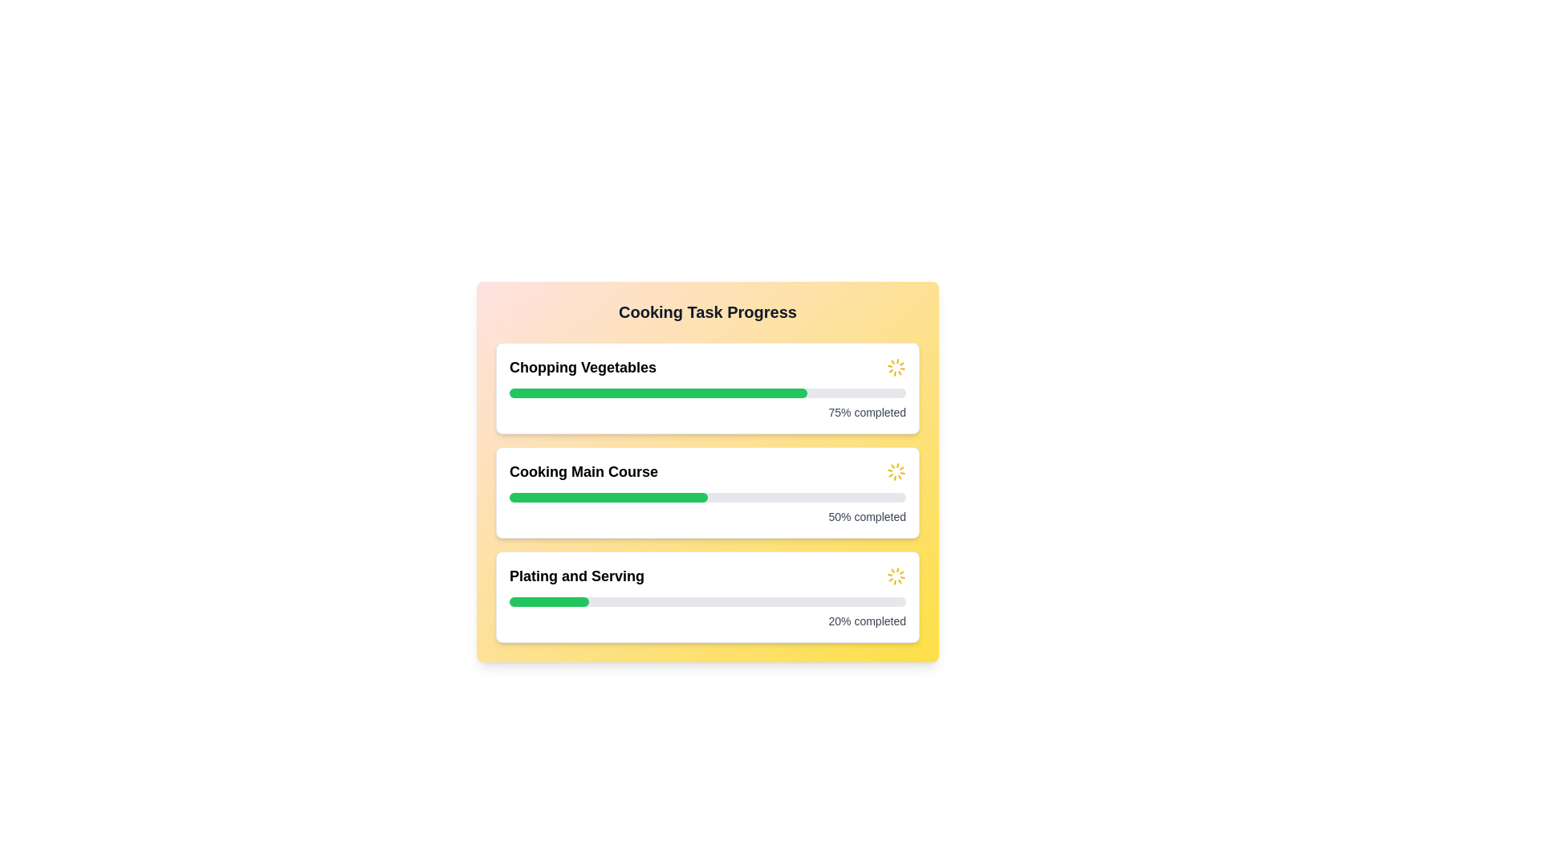 This screenshot has height=867, width=1541. Describe the element at coordinates (658, 393) in the screenshot. I see `the progress bar indicating 75% completion of the 'Chopping Vegetables' task` at that location.